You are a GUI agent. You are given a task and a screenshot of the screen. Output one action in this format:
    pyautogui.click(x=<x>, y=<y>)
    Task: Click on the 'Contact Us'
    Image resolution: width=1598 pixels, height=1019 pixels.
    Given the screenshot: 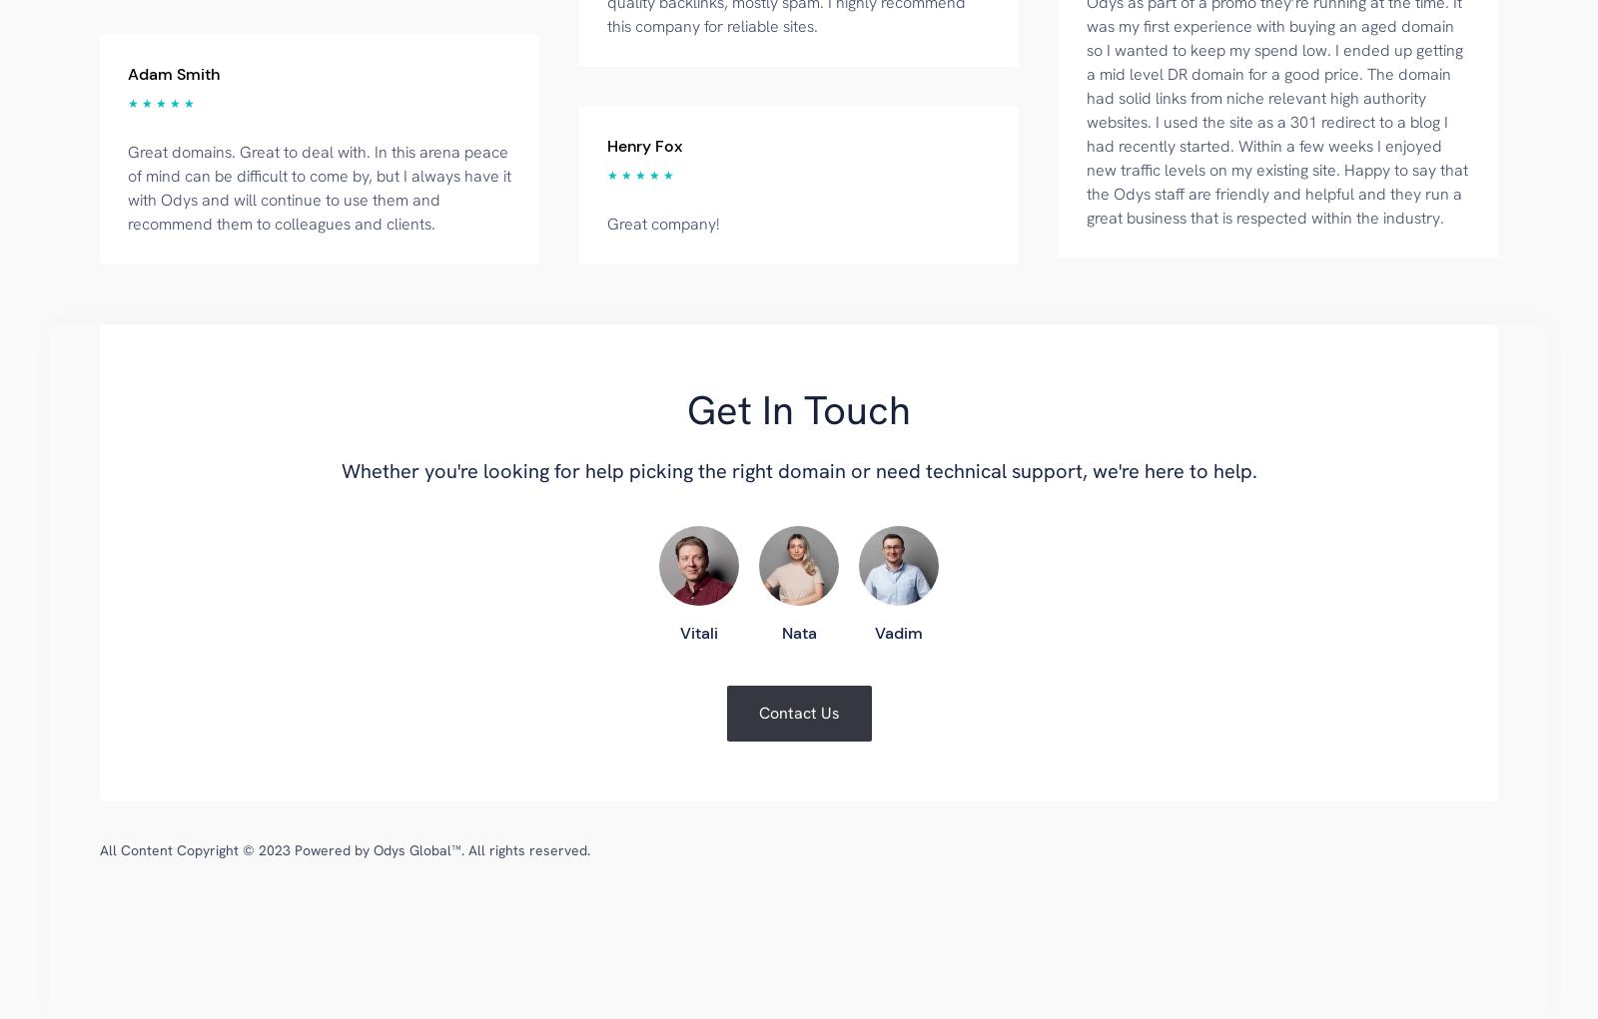 What is the action you would take?
    pyautogui.click(x=798, y=711)
    